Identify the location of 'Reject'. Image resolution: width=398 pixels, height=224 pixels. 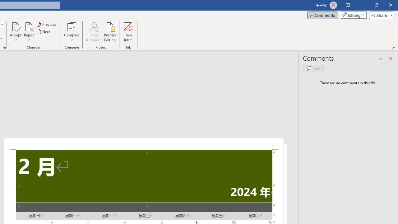
(28, 32).